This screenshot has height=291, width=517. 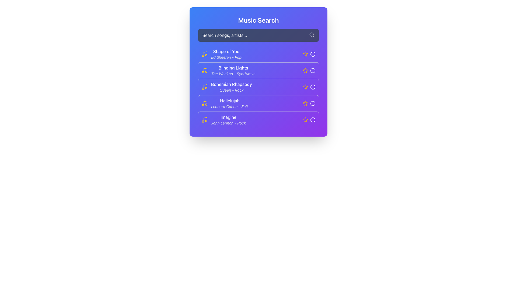 I want to click on the text label displaying 'John Lennon - Rock' in a small italicized gray font, located beneath the song title 'Imagine' in the music search interface, so click(x=228, y=123).